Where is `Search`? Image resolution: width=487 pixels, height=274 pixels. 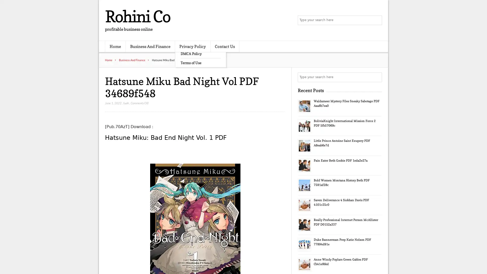
Search is located at coordinates (377, 20).